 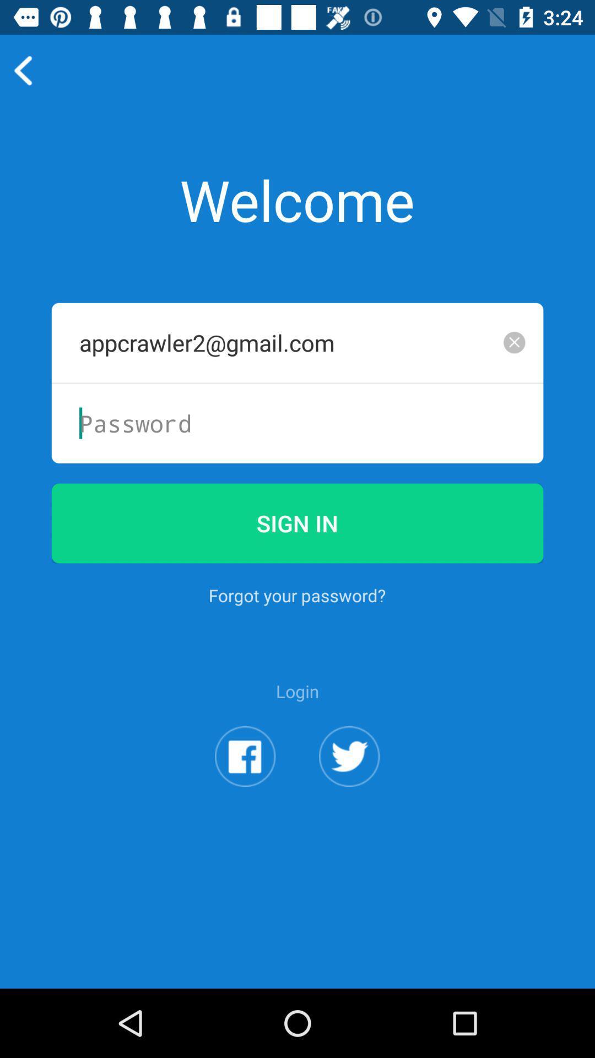 What do you see at coordinates (245, 809) in the screenshot?
I see `the facebook icon` at bounding box center [245, 809].